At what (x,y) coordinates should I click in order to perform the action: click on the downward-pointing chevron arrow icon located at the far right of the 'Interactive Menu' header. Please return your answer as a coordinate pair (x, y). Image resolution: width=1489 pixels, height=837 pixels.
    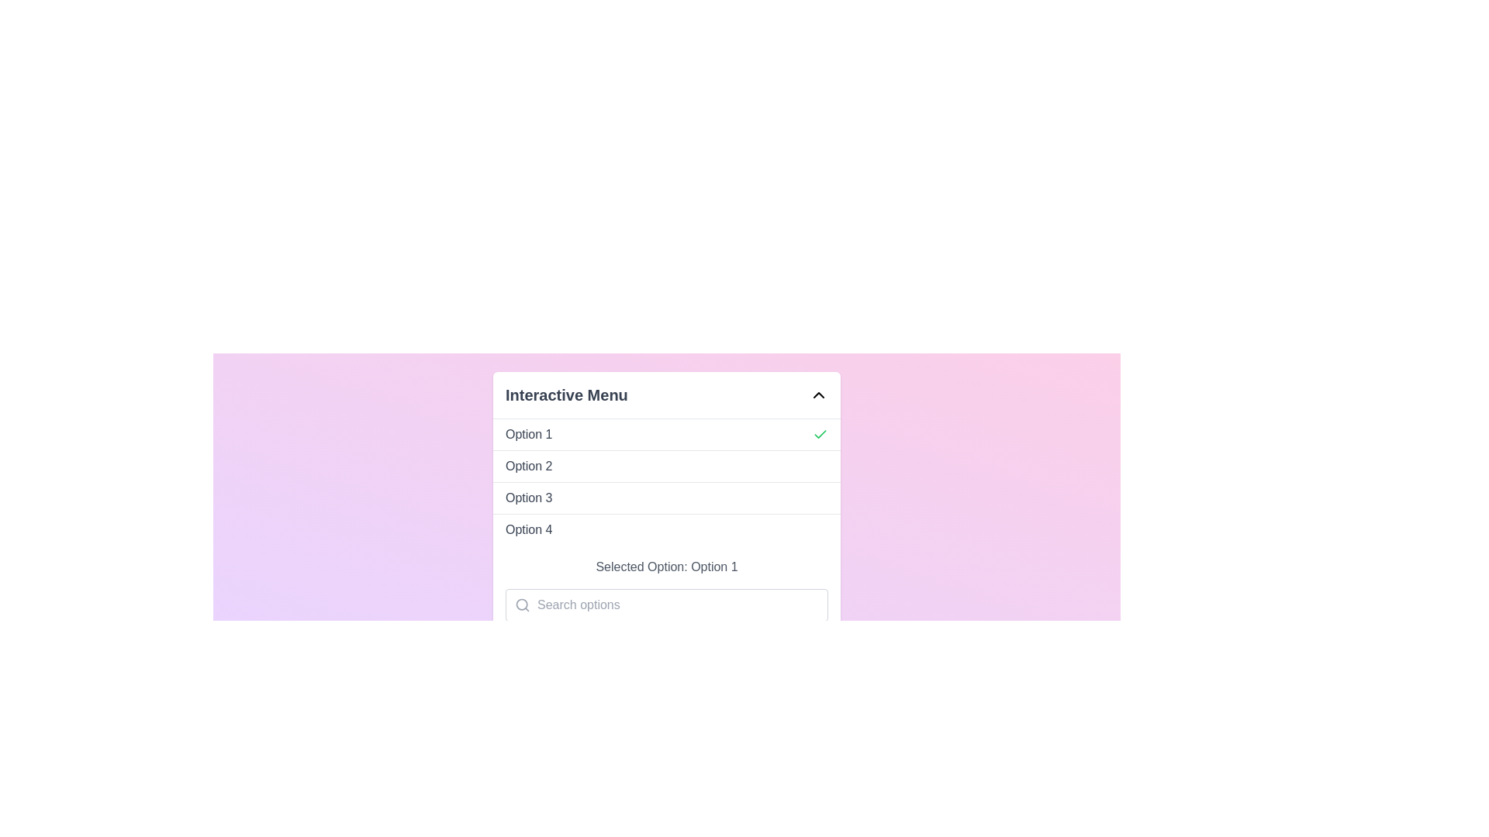
    Looking at the image, I should click on (818, 394).